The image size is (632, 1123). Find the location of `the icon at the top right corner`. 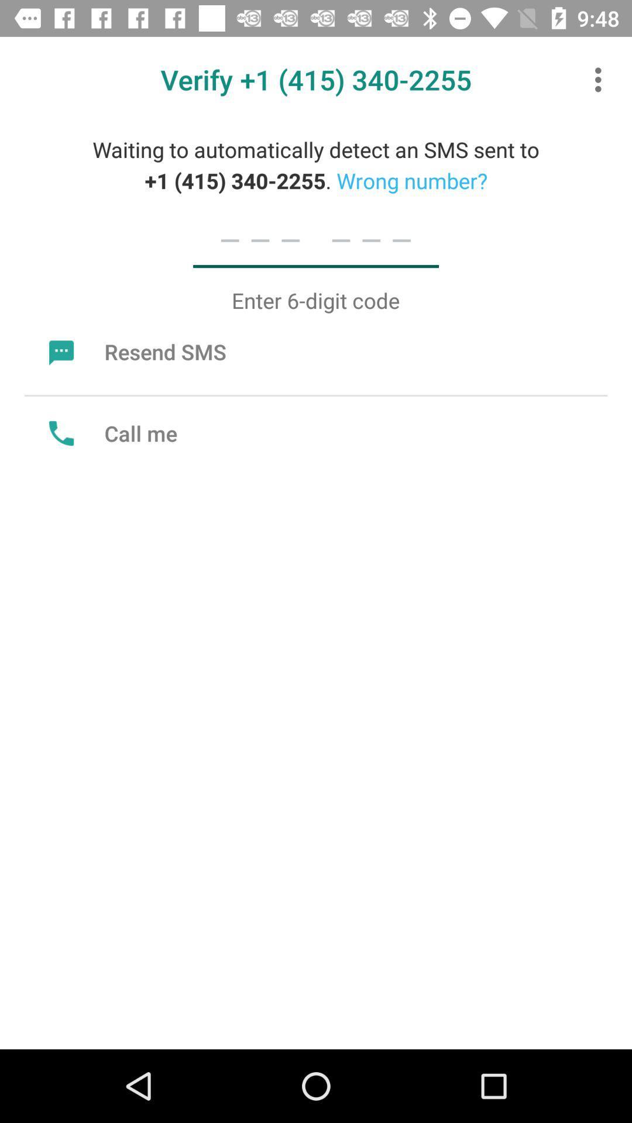

the icon at the top right corner is located at coordinates (601, 79).